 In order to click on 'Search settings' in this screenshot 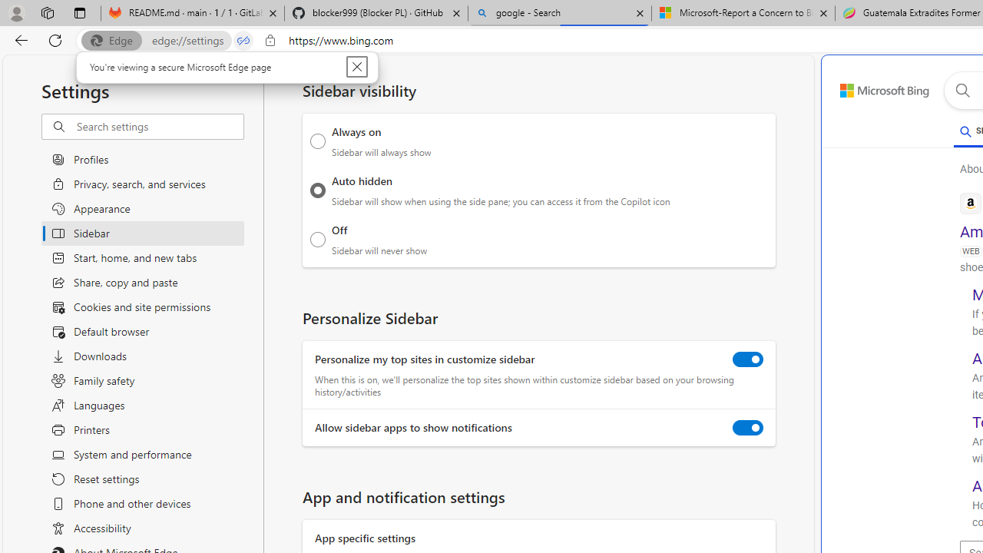, I will do `click(160, 126)`.